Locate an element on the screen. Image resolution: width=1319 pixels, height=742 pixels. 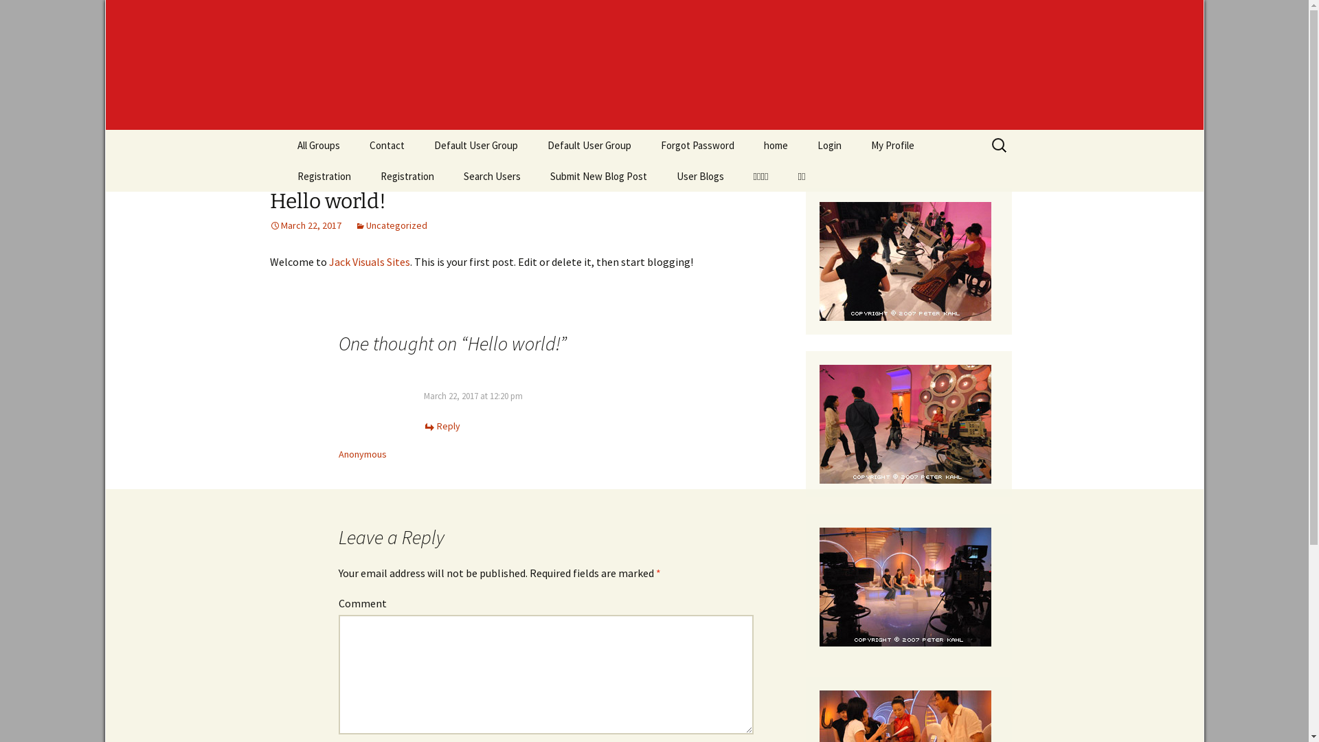
'Default User Group' is located at coordinates (475, 145).